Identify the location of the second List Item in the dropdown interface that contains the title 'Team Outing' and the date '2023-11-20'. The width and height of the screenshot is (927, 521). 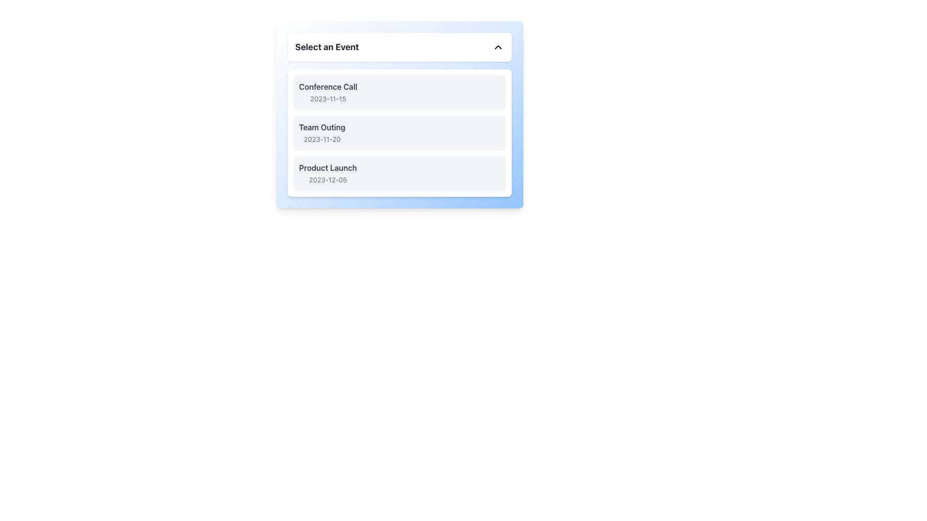
(399, 133).